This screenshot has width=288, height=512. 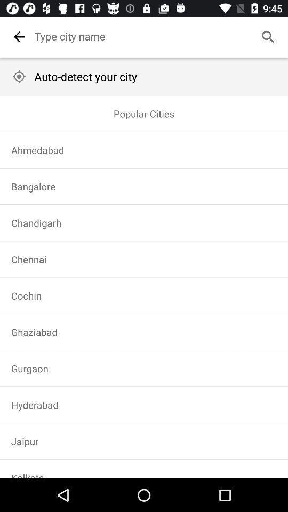 What do you see at coordinates (19, 37) in the screenshot?
I see `the arrow_backward icon` at bounding box center [19, 37].